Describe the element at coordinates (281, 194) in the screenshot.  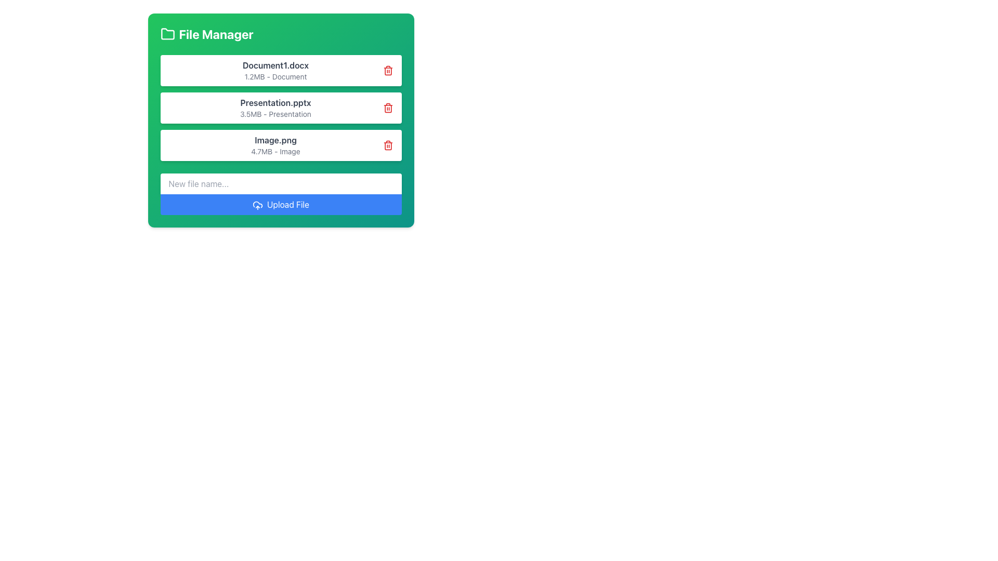
I see `the upload button located below the 'New file name...' text input field in the File Manager card to initiate the file upload process` at that location.